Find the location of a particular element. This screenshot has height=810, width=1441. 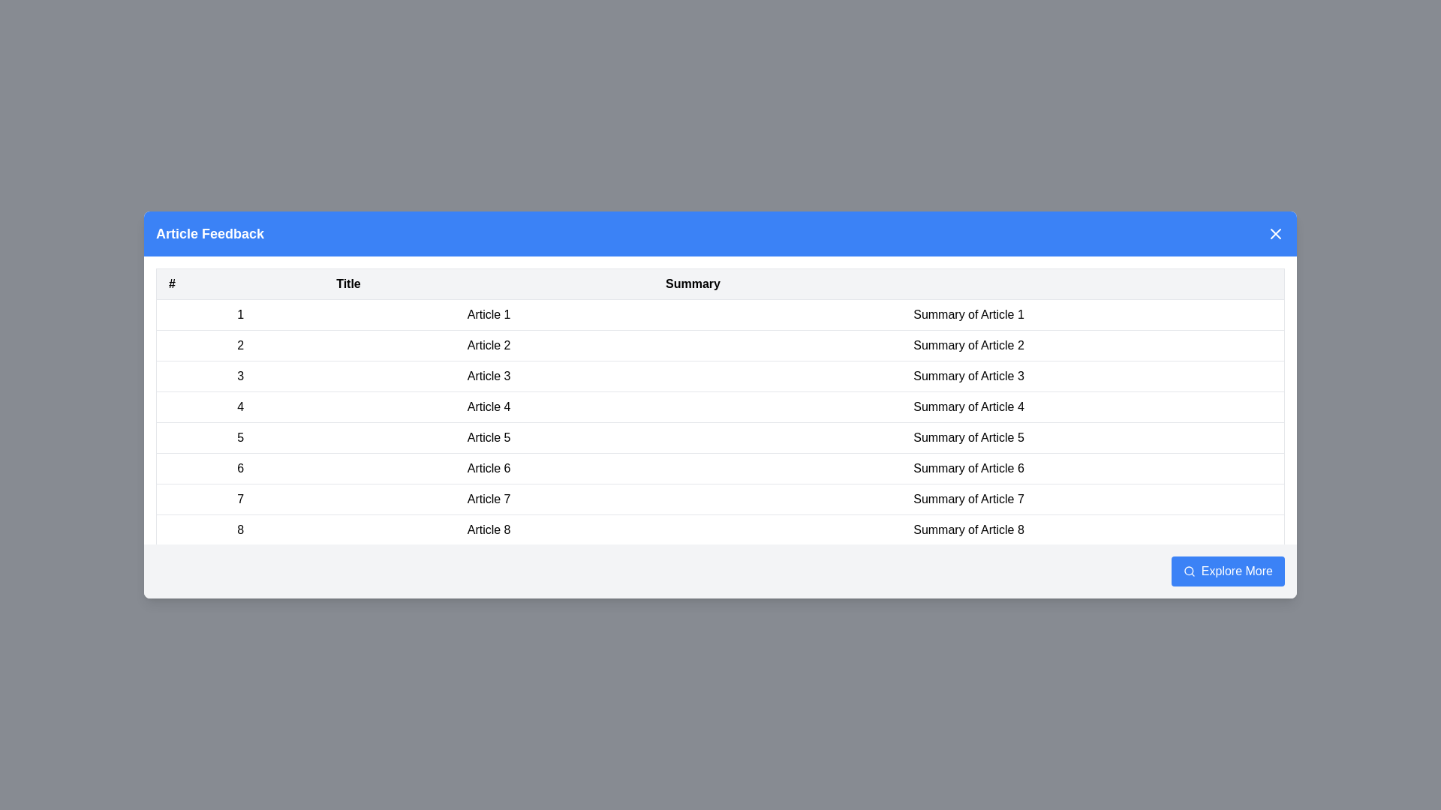

the 'Explore More' button to trigger its action is located at coordinates (1228, 571).